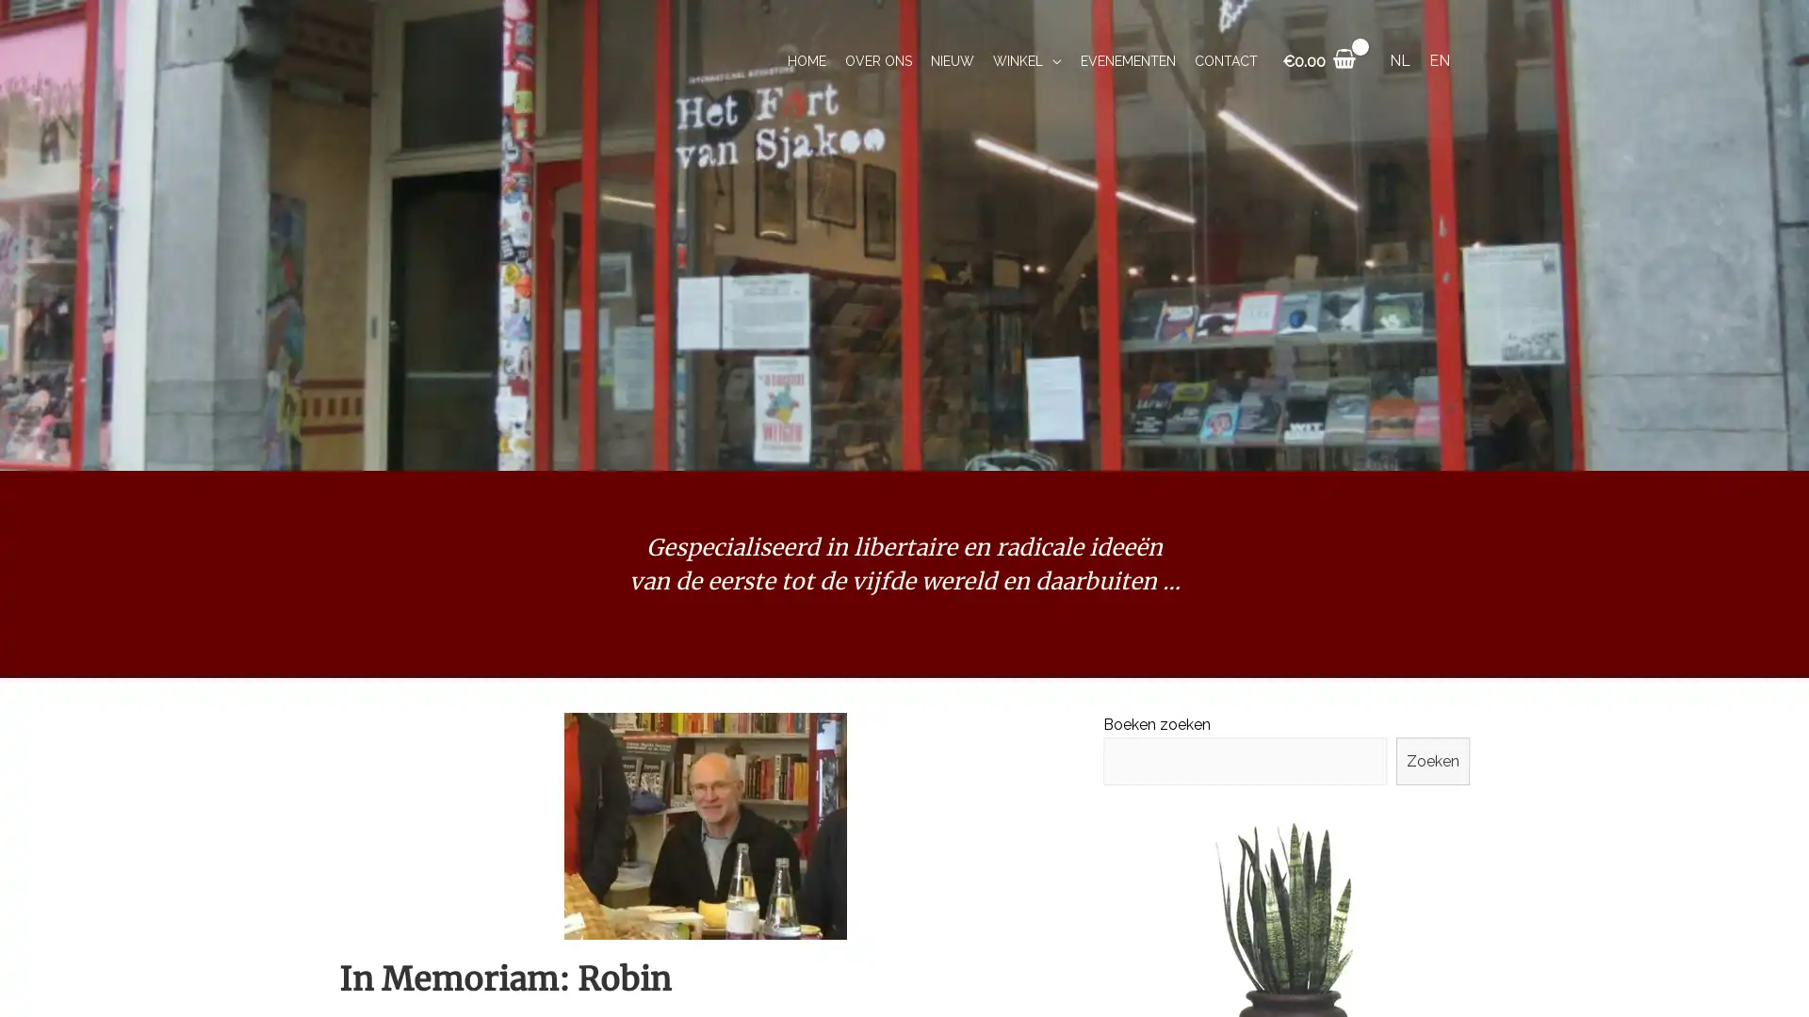 This screenshot has height=1017, width=1809. Describe the element at coordinates (1432, 759) in the screenshot. I see `Zoeken` at that location.